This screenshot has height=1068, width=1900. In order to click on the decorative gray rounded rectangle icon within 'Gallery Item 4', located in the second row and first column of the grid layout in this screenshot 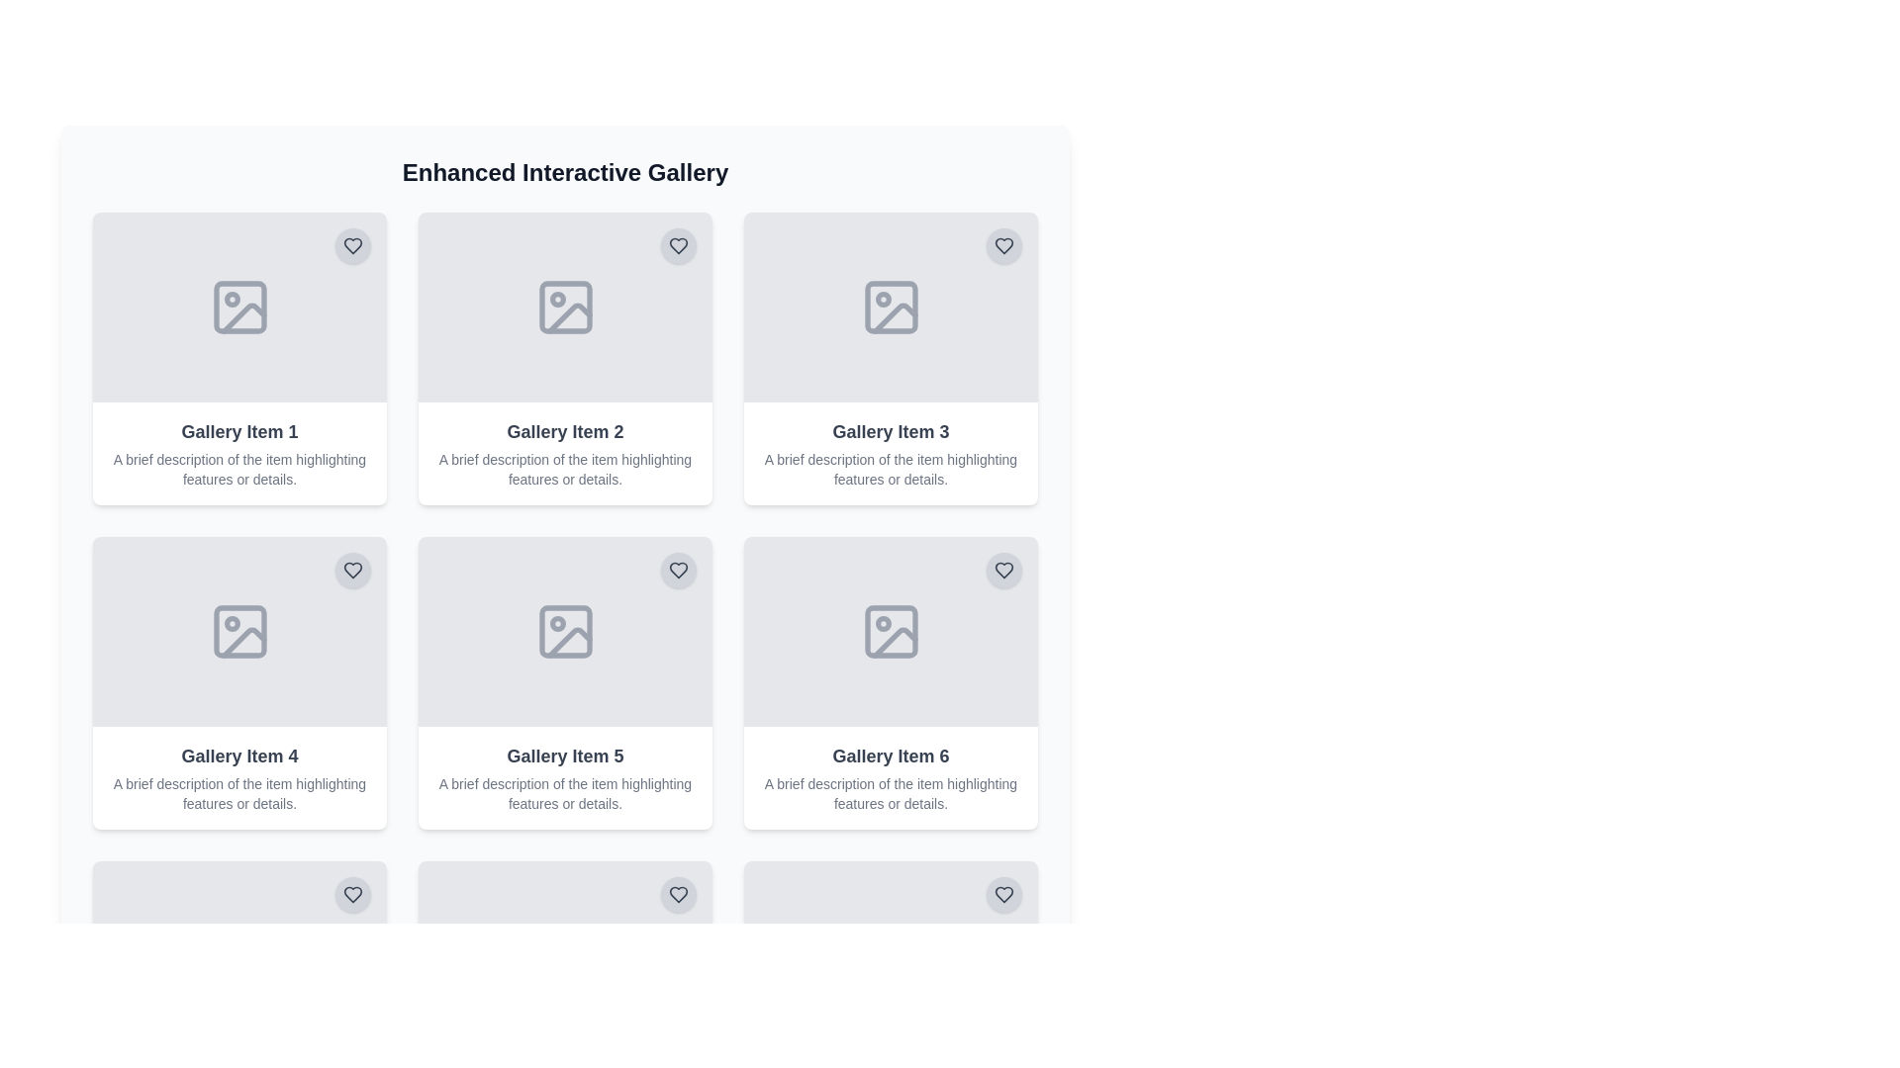, I will do `click(238, 632)`.